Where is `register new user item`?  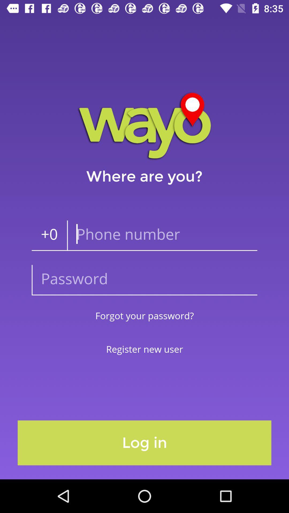 register new user item is located at coordinates (144, 349).